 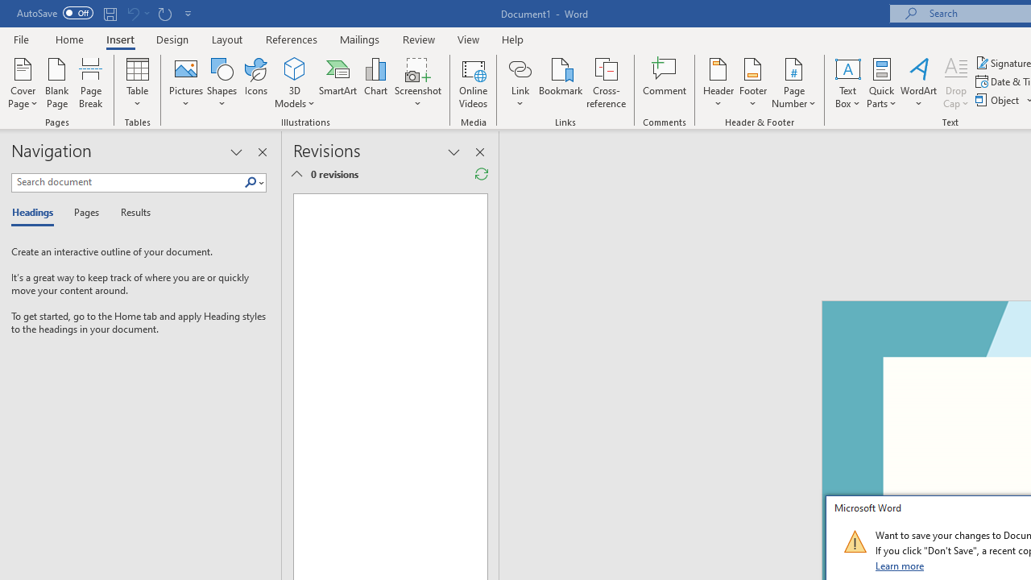 What do you see at coordinates (57, 83) in the screenshot?
I see `'Blank Page'` at bounding box center [57, 83].